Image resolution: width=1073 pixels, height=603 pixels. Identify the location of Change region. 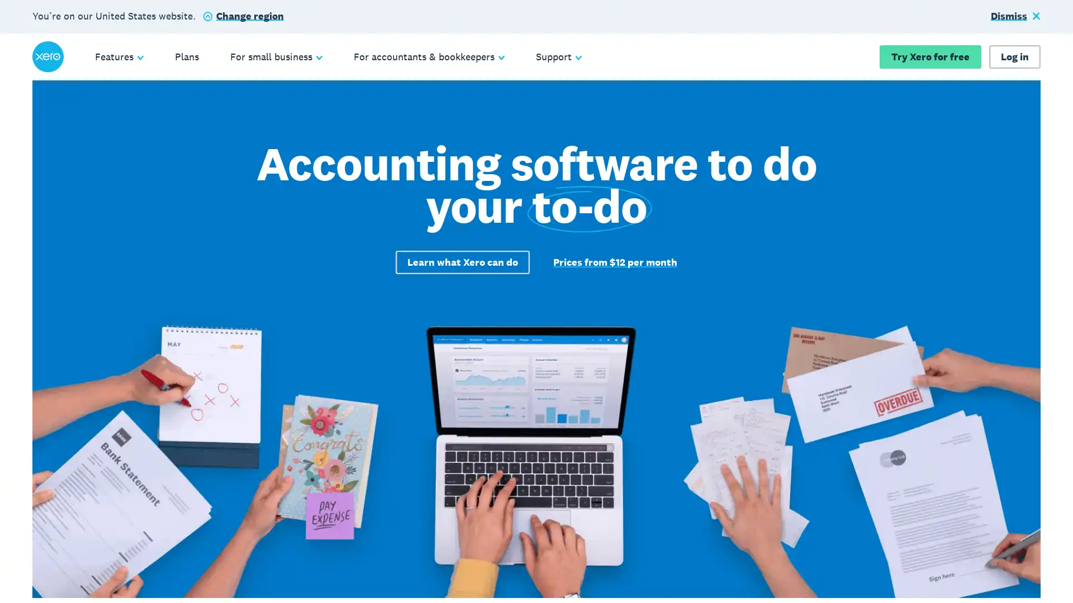
(243, 17).